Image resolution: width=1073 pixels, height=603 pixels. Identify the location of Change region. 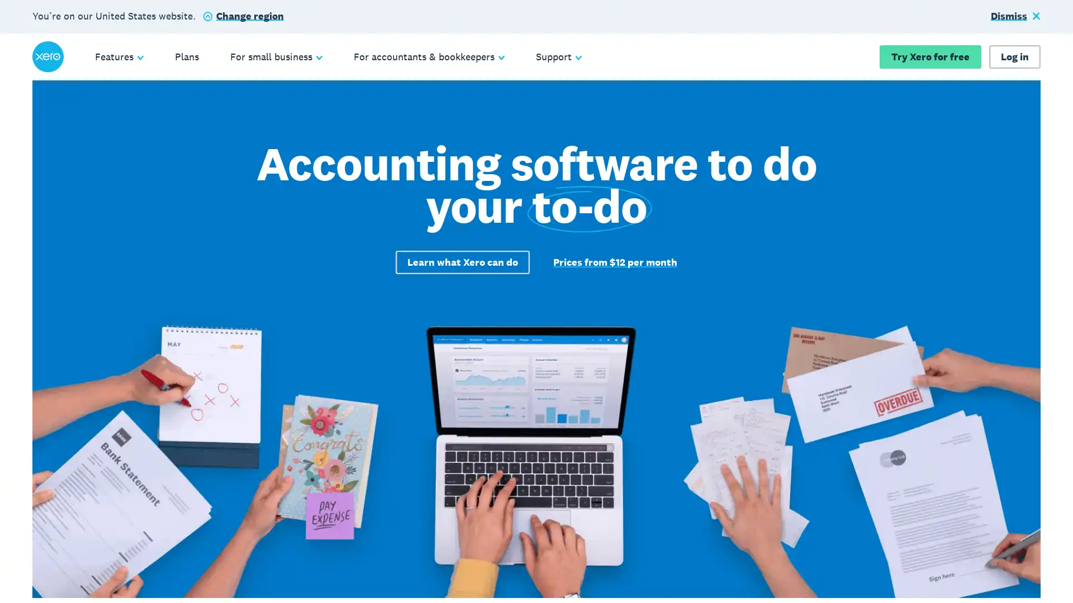
(243, 17).